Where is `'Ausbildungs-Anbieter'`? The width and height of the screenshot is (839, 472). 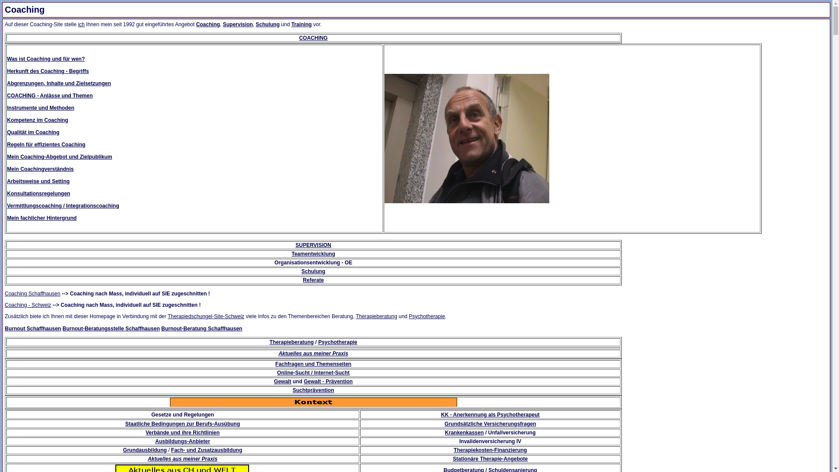 'Ausbildungs-Anbieter' is located at coordinates (182, 441).